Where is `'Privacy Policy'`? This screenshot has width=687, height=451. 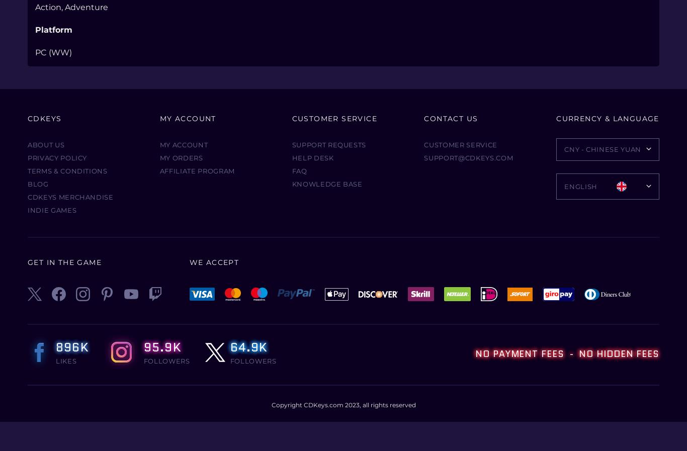 'Privacy Policy' is located at coordinates (57, 157).